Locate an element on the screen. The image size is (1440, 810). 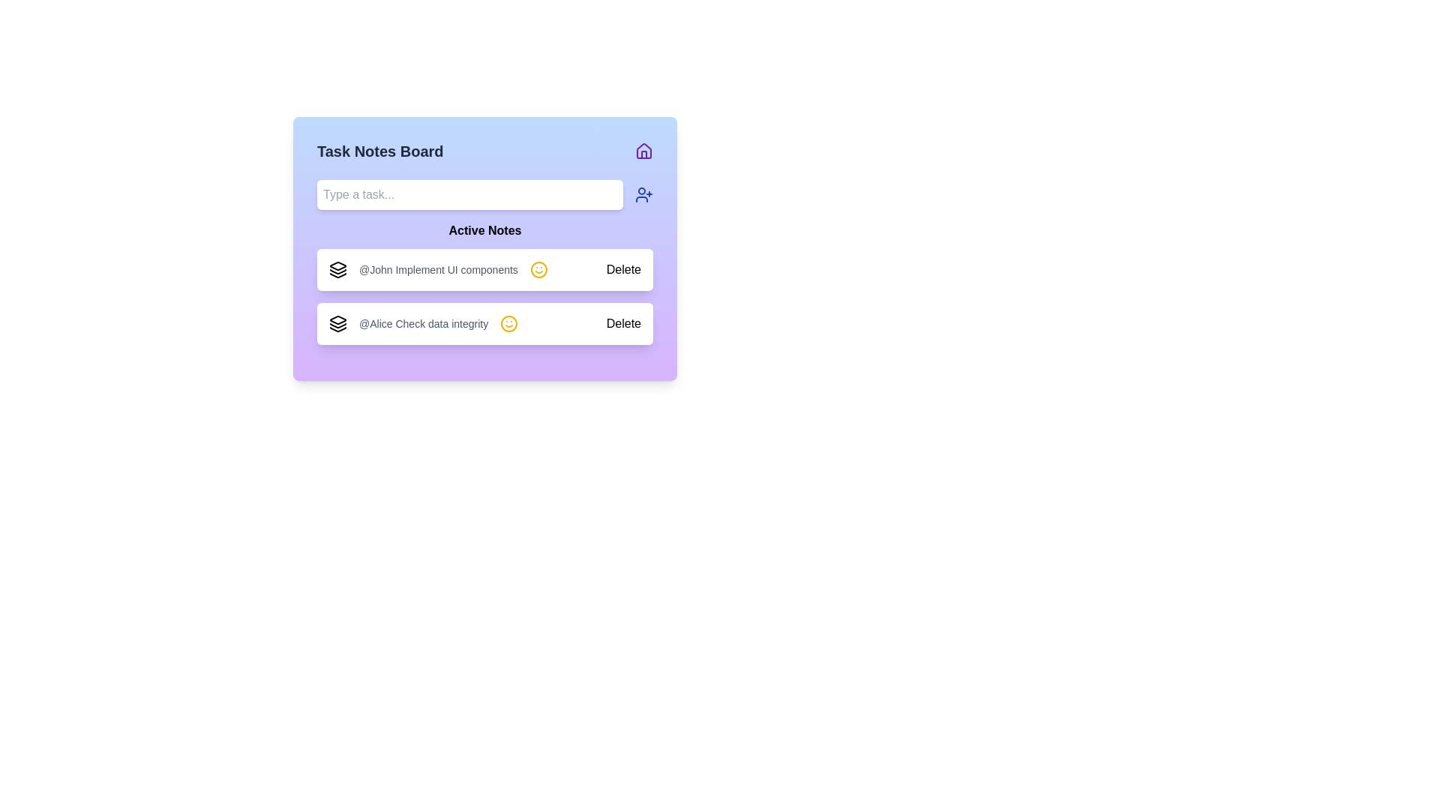
the purple house icon located in the top-right corner of the 'Task Notes Board' header is located at coordinates (644, 151).